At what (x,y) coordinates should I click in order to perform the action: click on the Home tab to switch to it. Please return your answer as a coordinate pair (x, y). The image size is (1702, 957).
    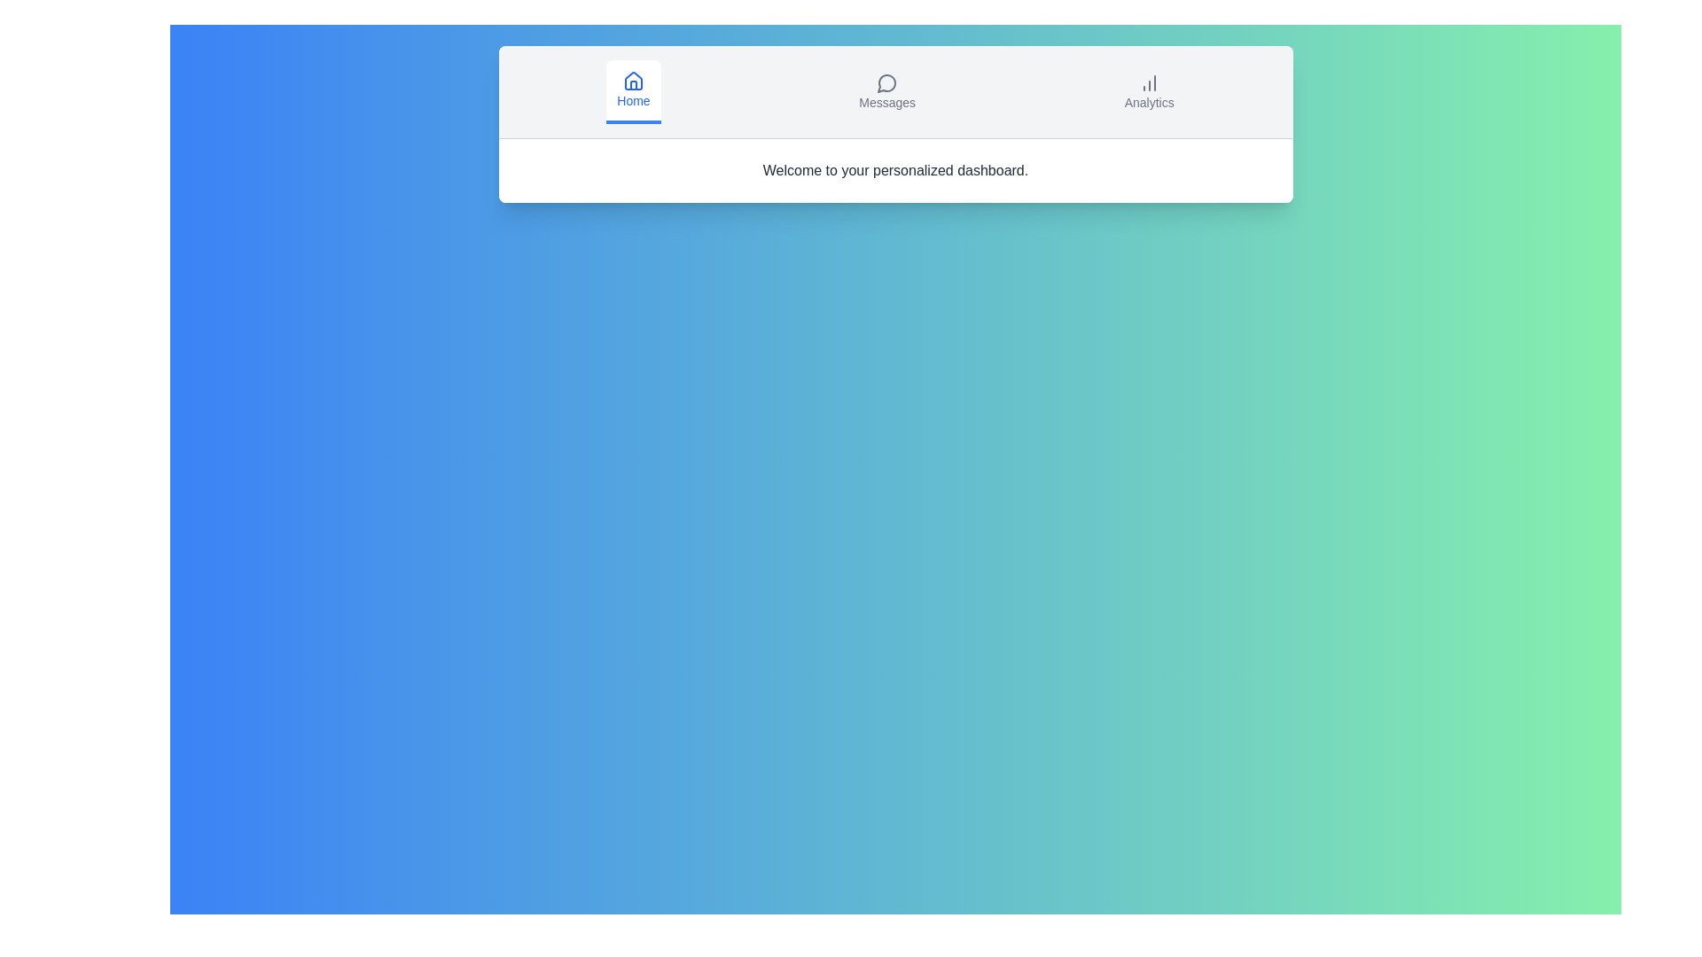
    Looking at the image, I should click on (634, 92).